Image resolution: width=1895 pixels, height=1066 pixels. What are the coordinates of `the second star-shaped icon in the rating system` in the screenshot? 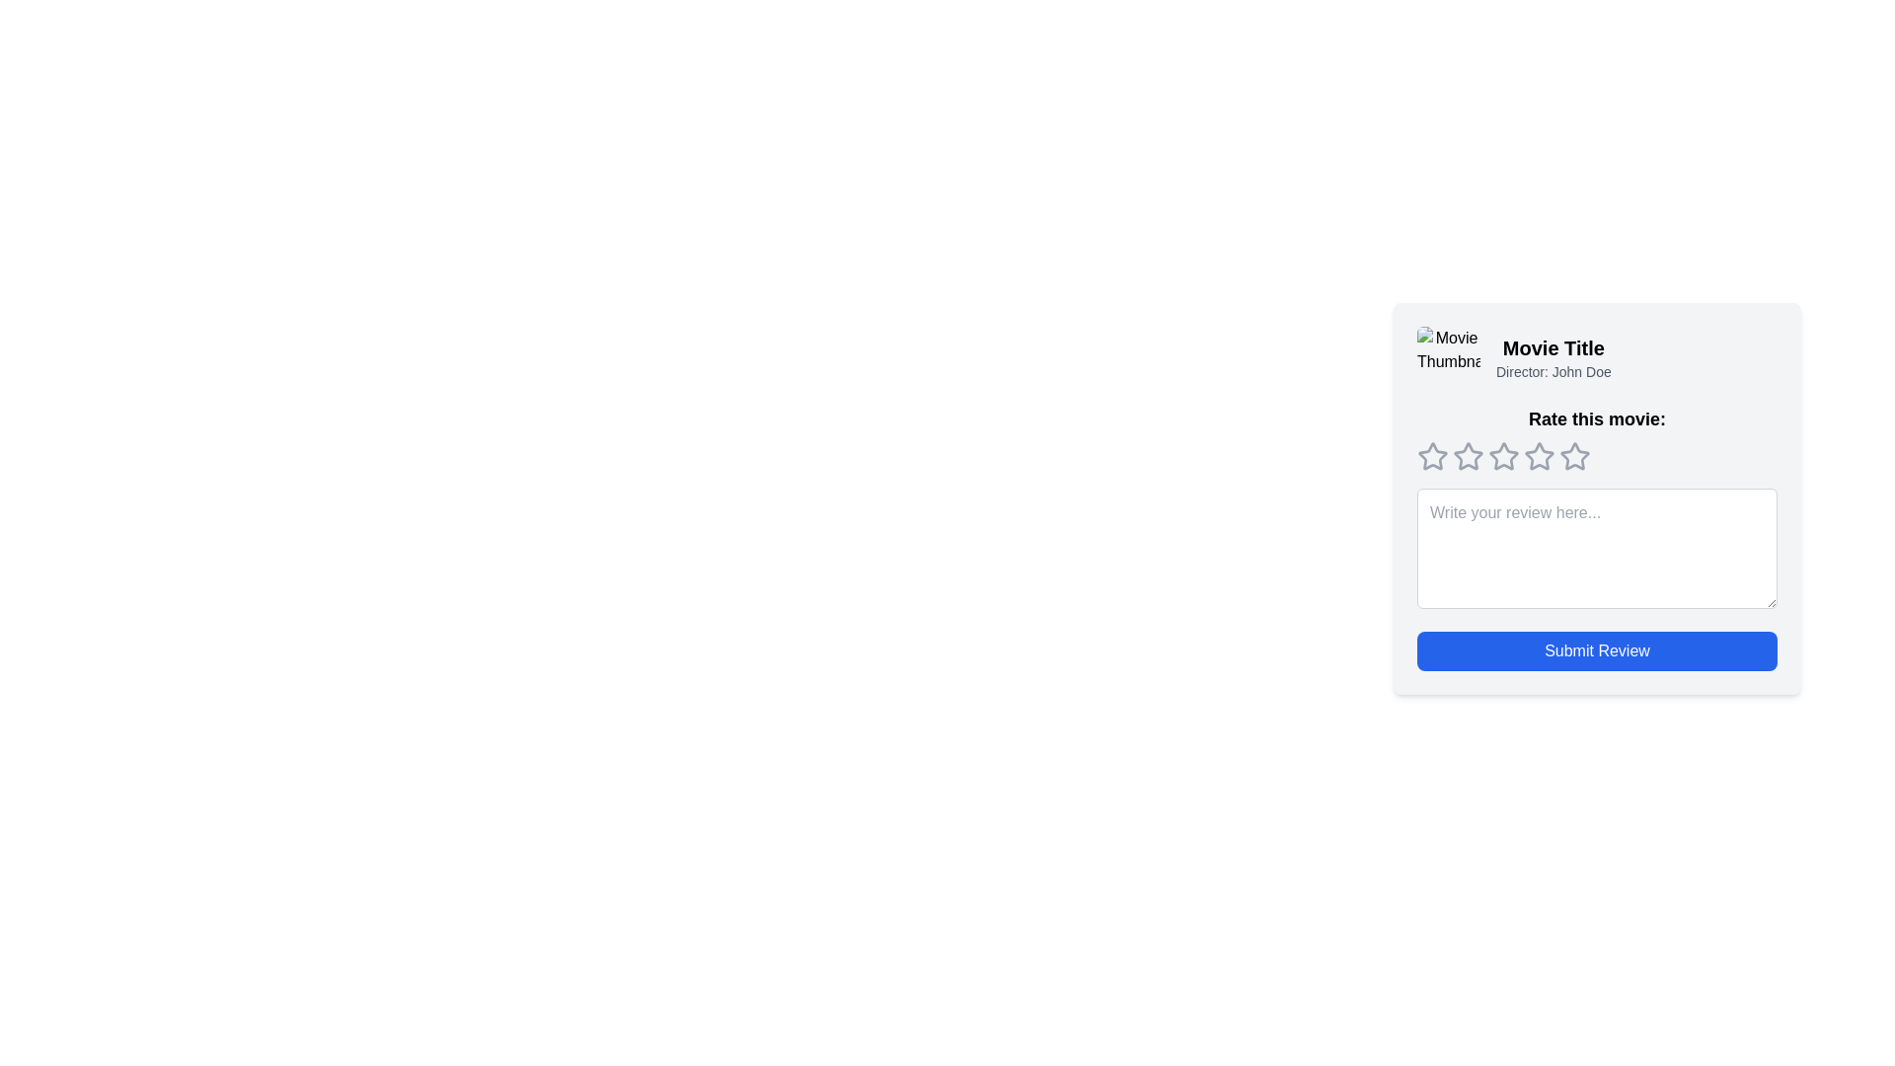 It's located at (1502, 456).